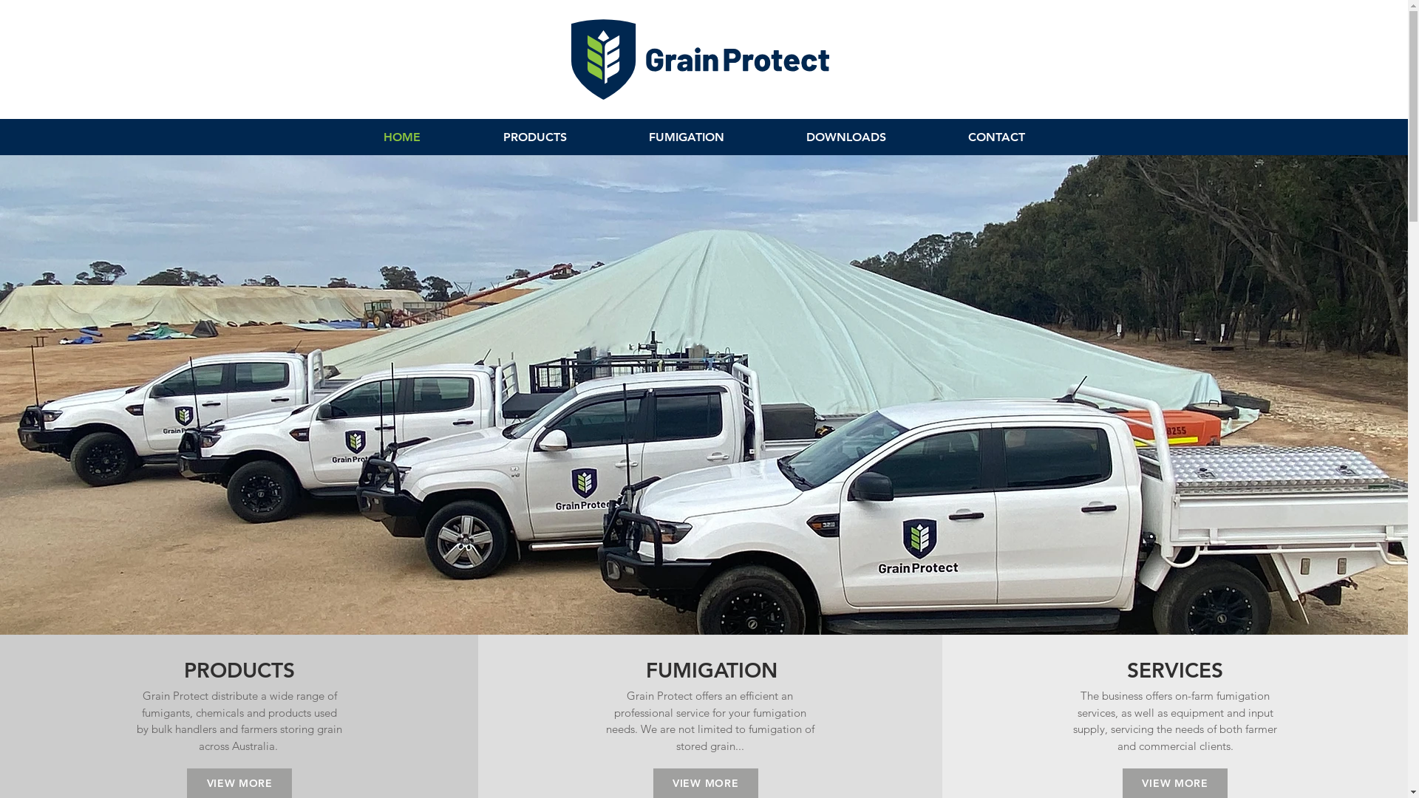 This screenshot has height=798, width=1419. I want to click on 'HOME', so click(401, 137).